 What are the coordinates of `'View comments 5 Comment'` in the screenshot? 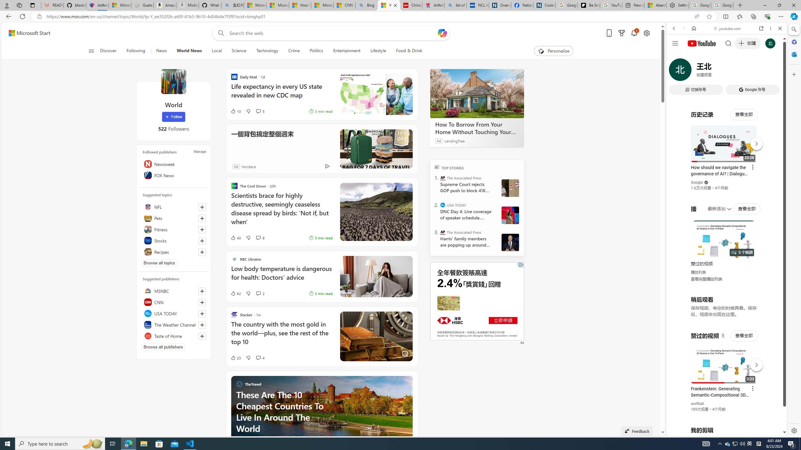 It's located at (258, 111).